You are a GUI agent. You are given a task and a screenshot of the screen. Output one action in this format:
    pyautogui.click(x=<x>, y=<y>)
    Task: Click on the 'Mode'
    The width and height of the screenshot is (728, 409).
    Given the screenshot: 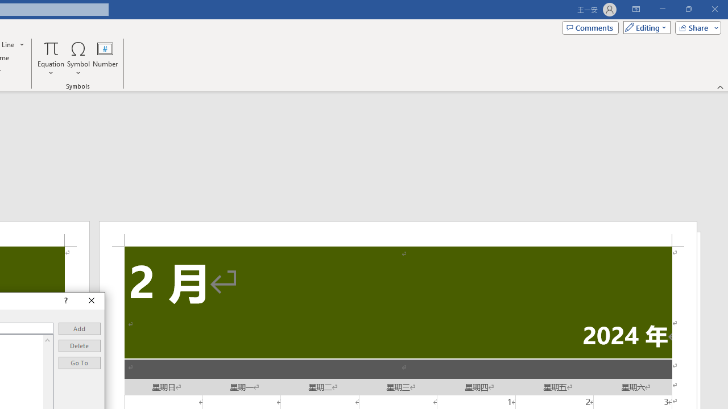 What is the action you would take?
    pyautogui.click(x=644, y=27)
    